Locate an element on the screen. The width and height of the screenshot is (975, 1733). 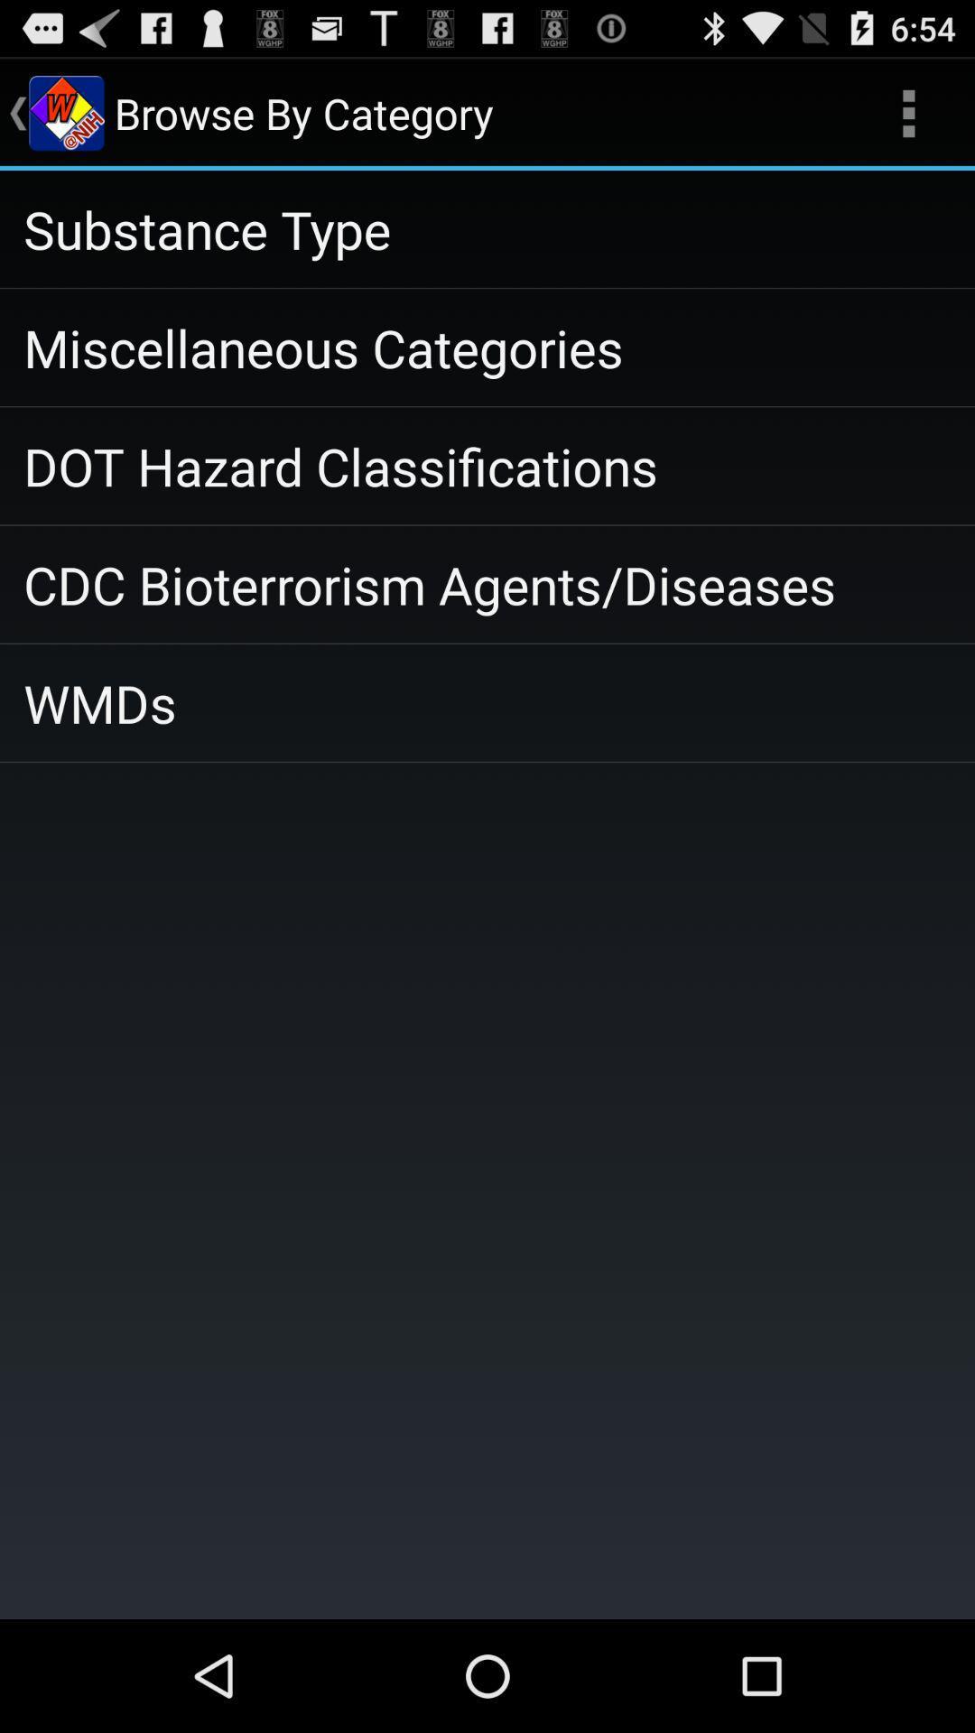
the app to the right of browse by category item is located at coordinates (908, 112).